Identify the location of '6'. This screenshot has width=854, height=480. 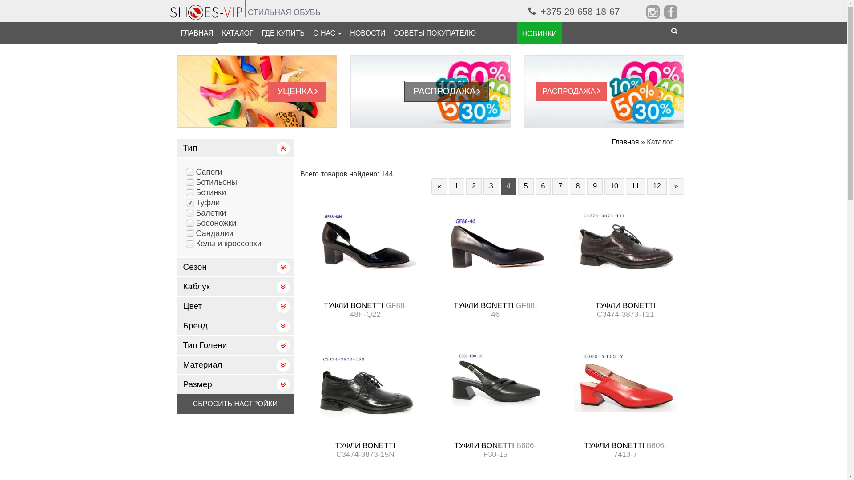
(543, 186).